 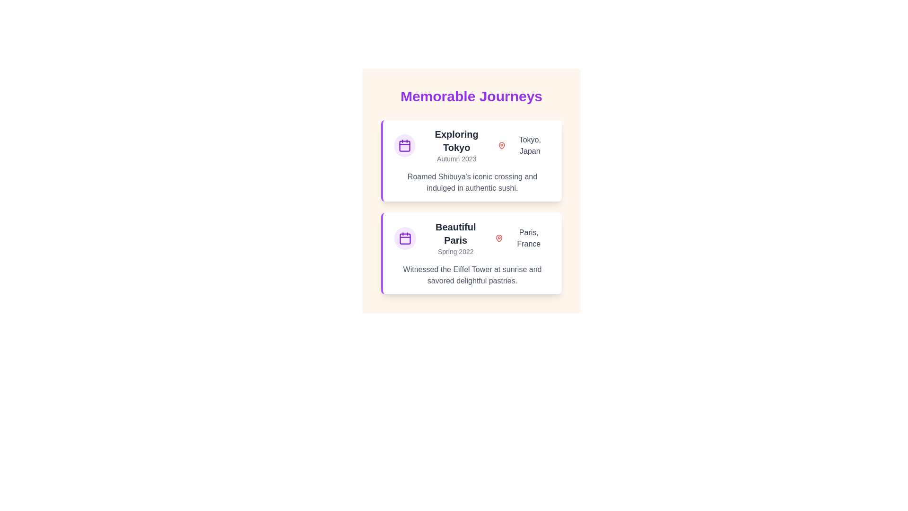 What do you see at coordinates (472, 182) in the screenshot?
I see `text block displaying the phrase 'Roamed Shibuya's iconic crossing and indulged in authentic sushi.' located in the 'Exploring Tokyo' journey section` at bounding box center [472, 182].